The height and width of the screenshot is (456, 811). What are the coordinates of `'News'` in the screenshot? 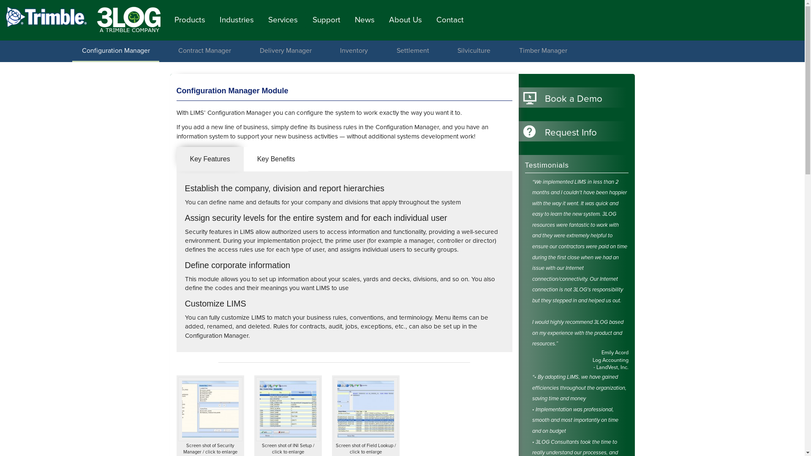 It's located at (365, 19).